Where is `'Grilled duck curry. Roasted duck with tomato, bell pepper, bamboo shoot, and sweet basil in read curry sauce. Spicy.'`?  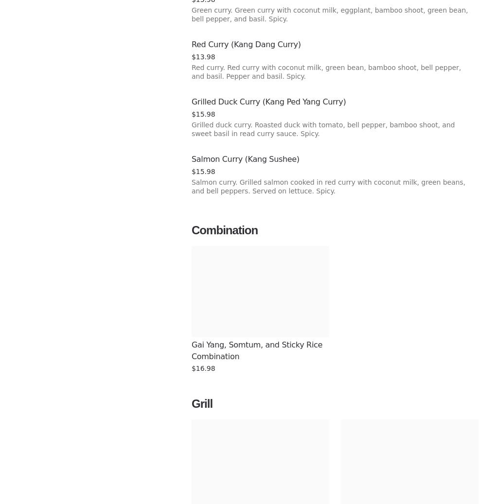 'Grilled duck curry. Roasted duck with tomato, bell pepper, bamboo shoot, and sweet basil in read curry sauce. Spicy.' is located at coordinates (322, 128).